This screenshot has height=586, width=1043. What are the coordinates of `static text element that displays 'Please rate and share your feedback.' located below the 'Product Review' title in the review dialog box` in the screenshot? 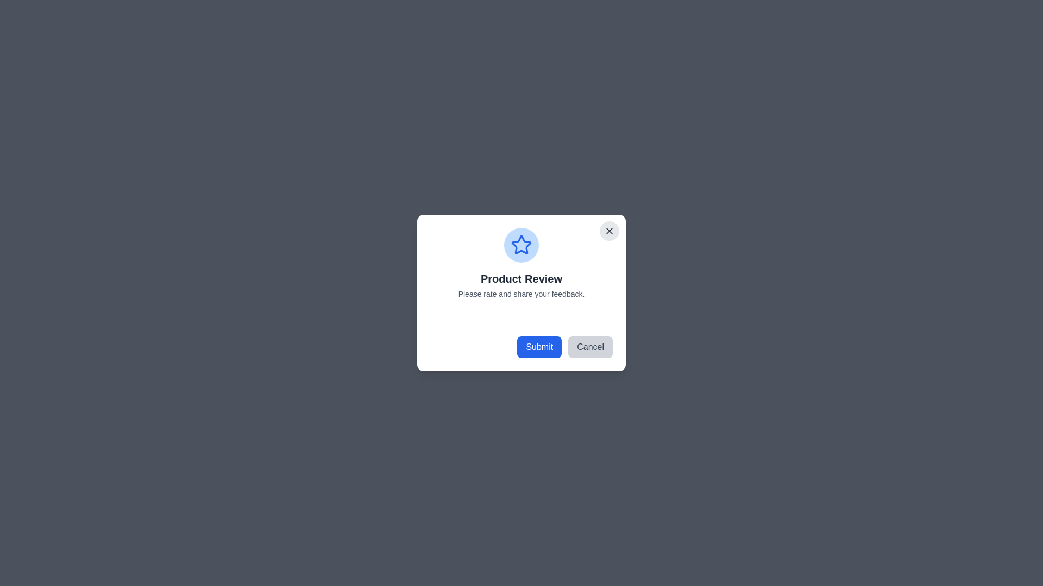 It's located at (521, 294).